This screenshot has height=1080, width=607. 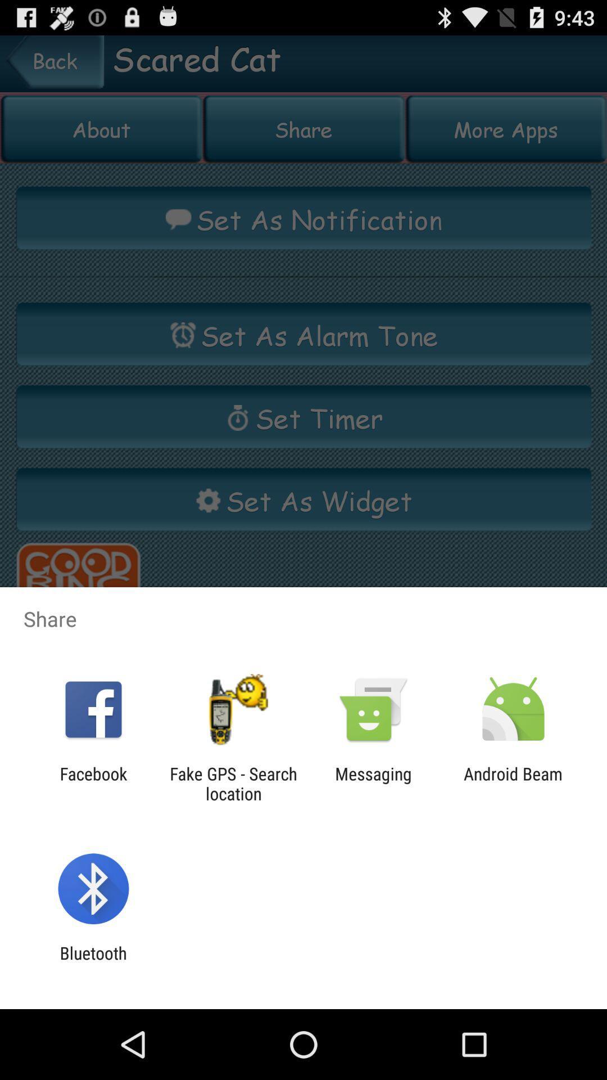 I want to click on the app next to messaging app, so click(x=233, y=783).